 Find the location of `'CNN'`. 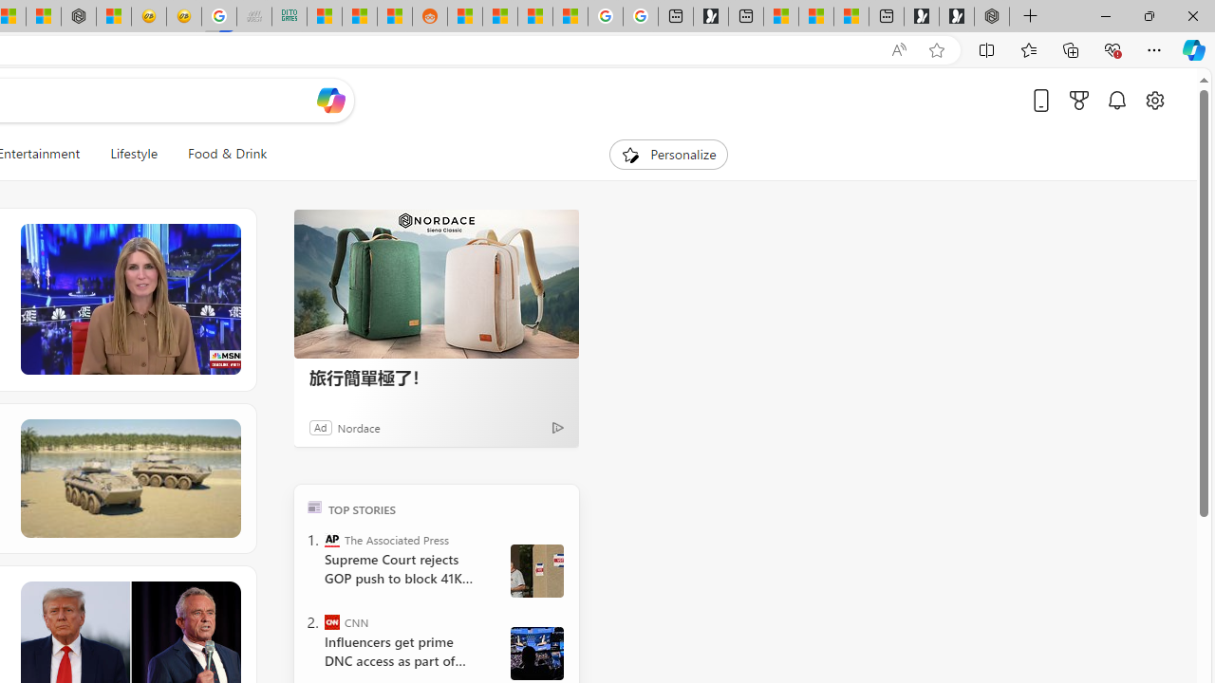

'CNN' is located at coordinates (332, 621).